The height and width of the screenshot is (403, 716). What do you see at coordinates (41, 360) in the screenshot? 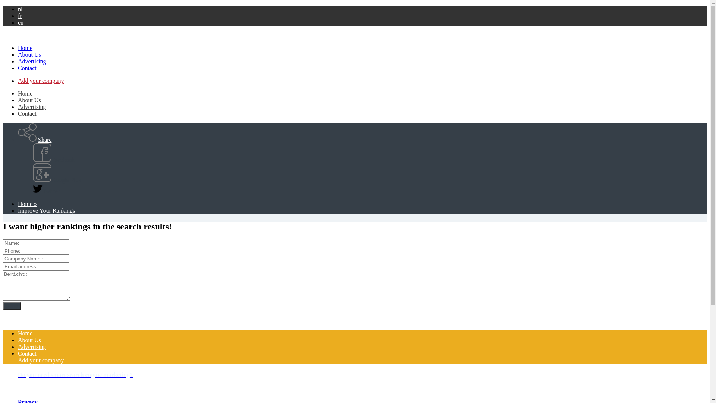
I see `'Add your company'` at bounding box center [41, 360].